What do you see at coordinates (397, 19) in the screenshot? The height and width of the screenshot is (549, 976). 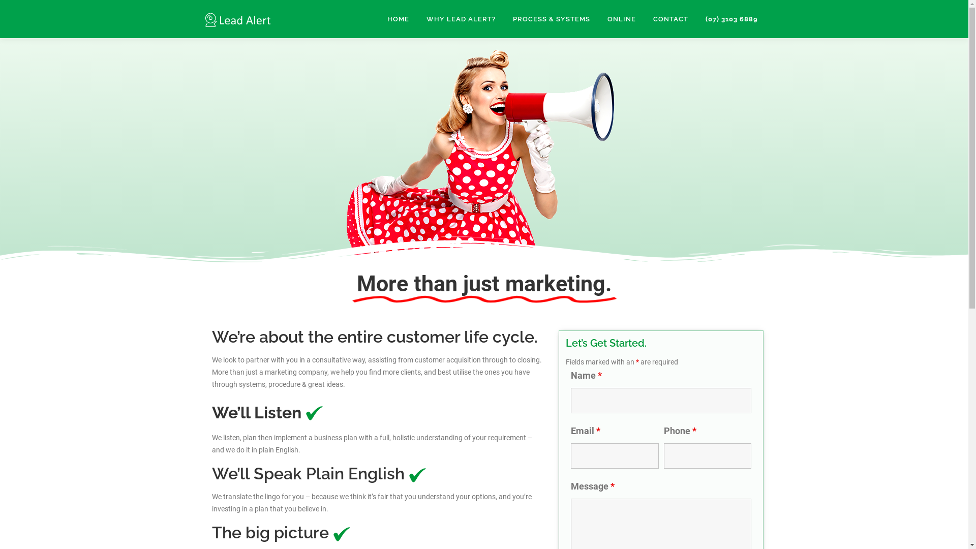 I see `'HOME'` at bounding box center [397, 19].